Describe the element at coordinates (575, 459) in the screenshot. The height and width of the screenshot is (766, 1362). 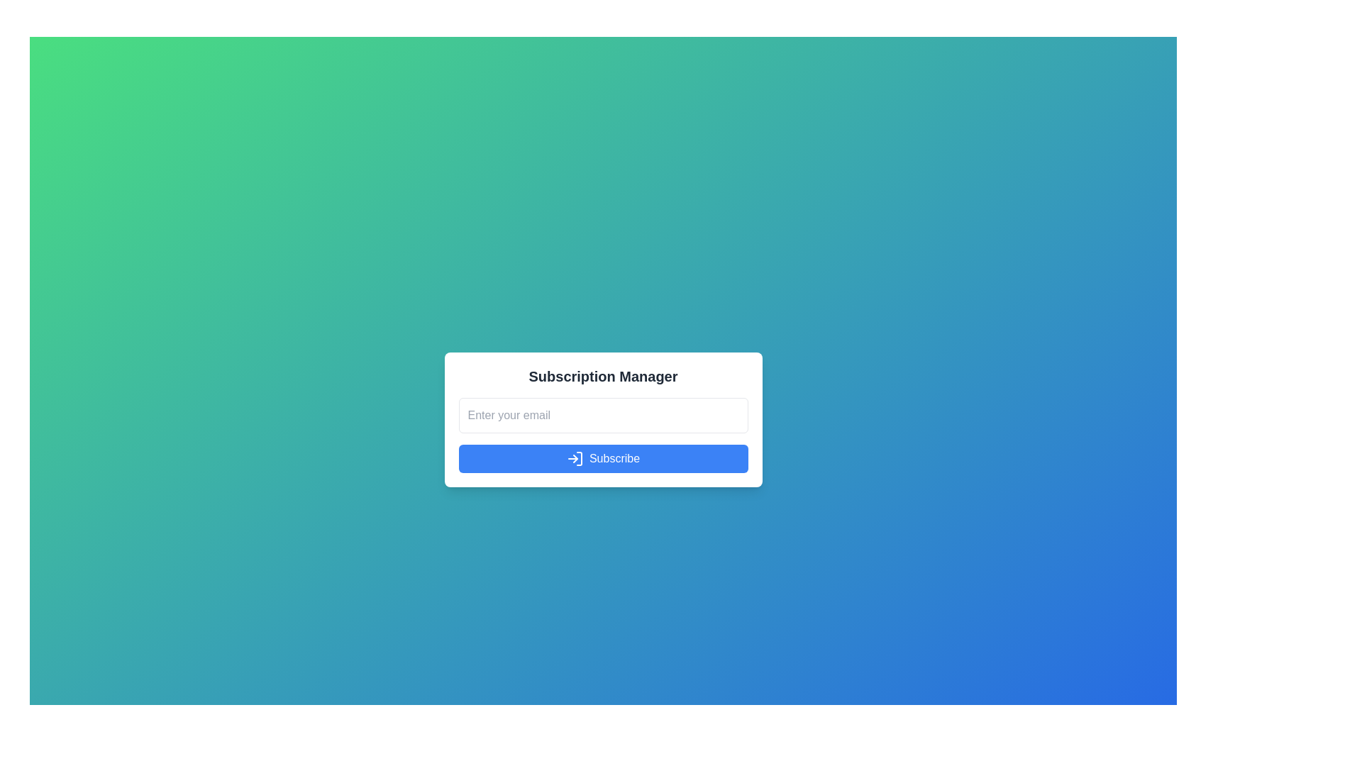
I see `the central arrow icon that signifies navigation or submission, which is part of a set of three icons located below the input box aligned with the 'Subscribe' button` at that location.